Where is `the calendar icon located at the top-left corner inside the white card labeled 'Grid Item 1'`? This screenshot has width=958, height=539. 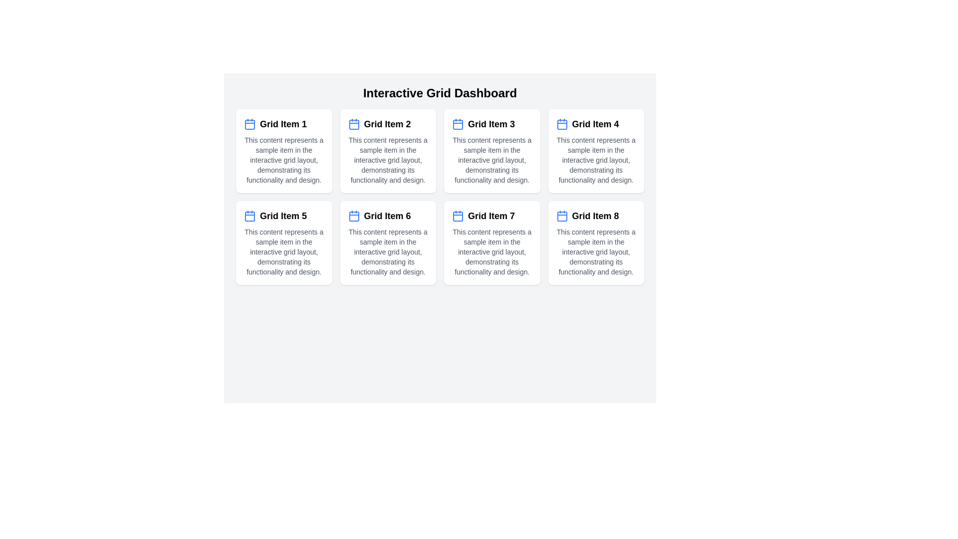 the calendar icon located at the top-left corner inside the white card labeled 'Grid Item 1' is located at coordinates (249, 124).